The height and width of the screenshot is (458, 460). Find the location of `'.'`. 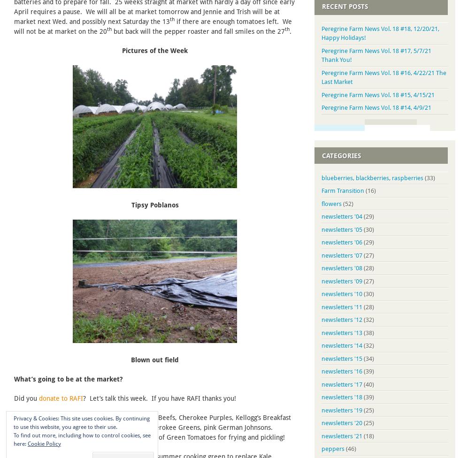

'.' is located at coordinates (290, 31).